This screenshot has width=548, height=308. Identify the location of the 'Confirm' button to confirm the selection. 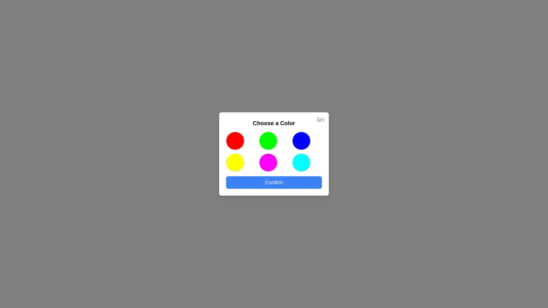
(274, 183).